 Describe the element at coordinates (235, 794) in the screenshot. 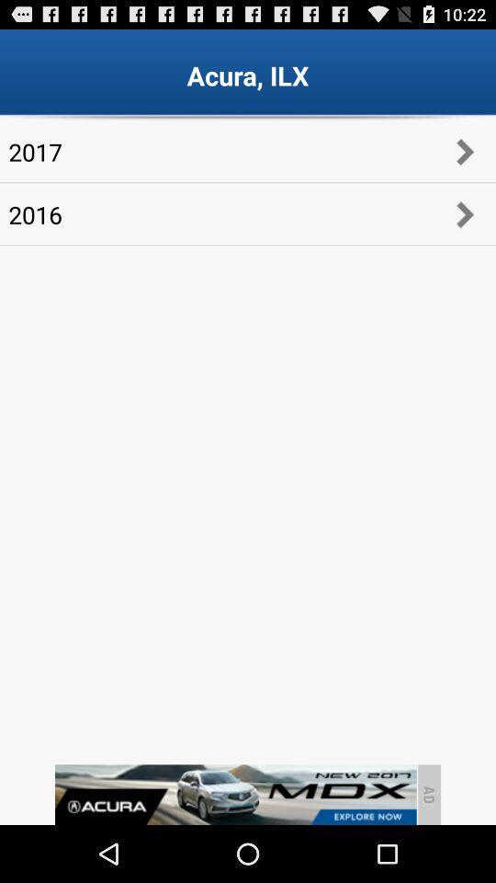

I see `open advertisement` at that location.